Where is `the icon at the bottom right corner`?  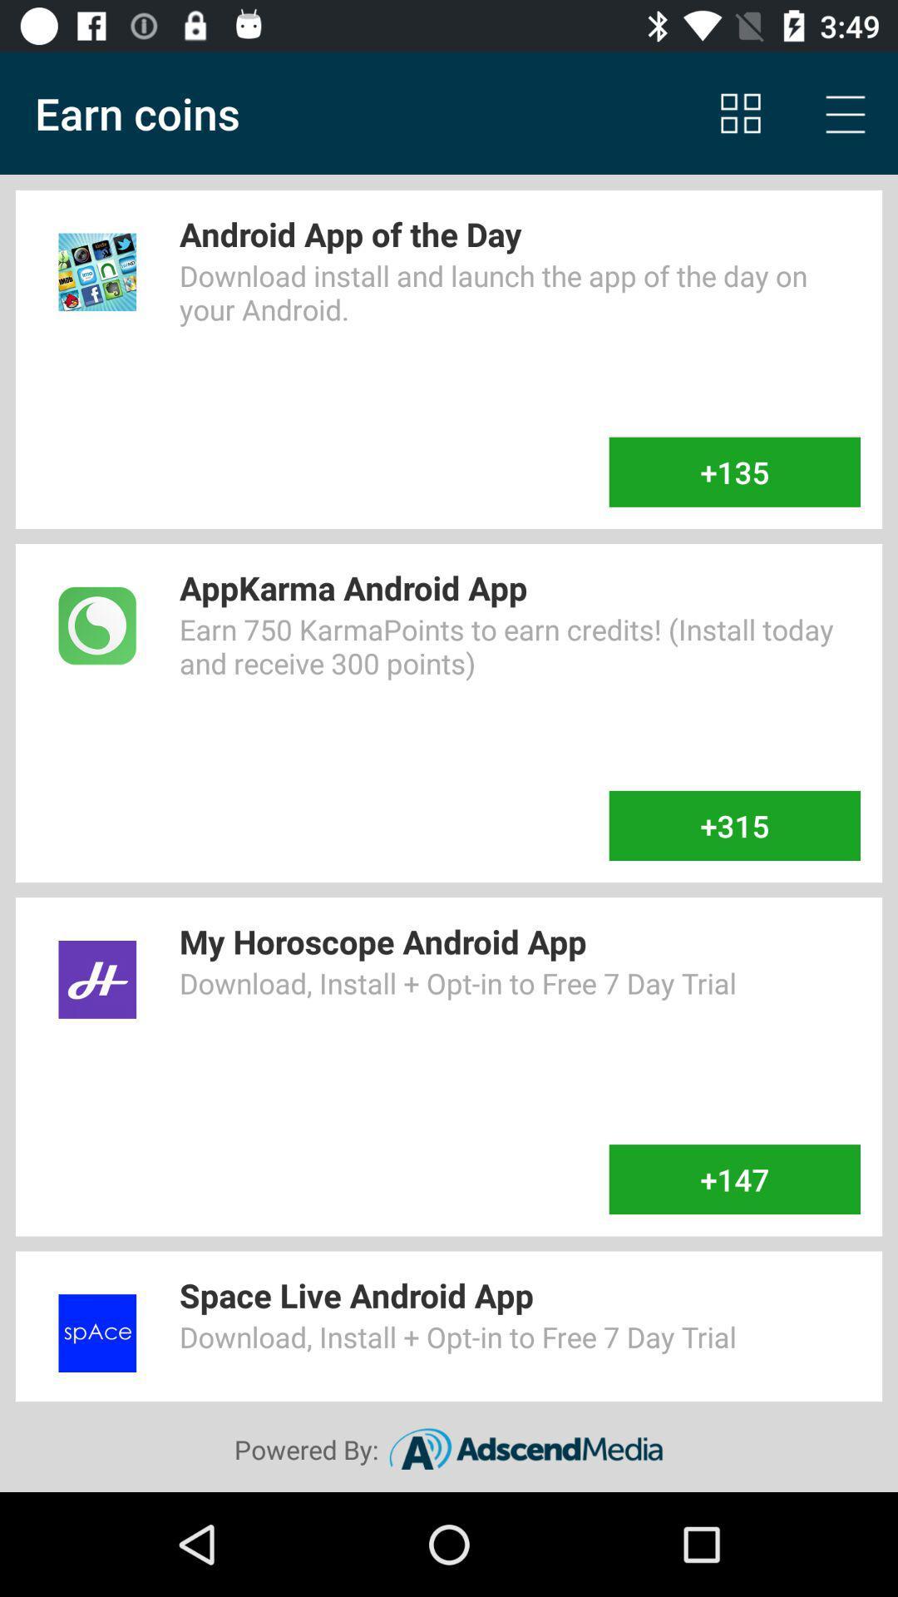 the icon at the bottom right corner is located at coordinates (733, 1179).